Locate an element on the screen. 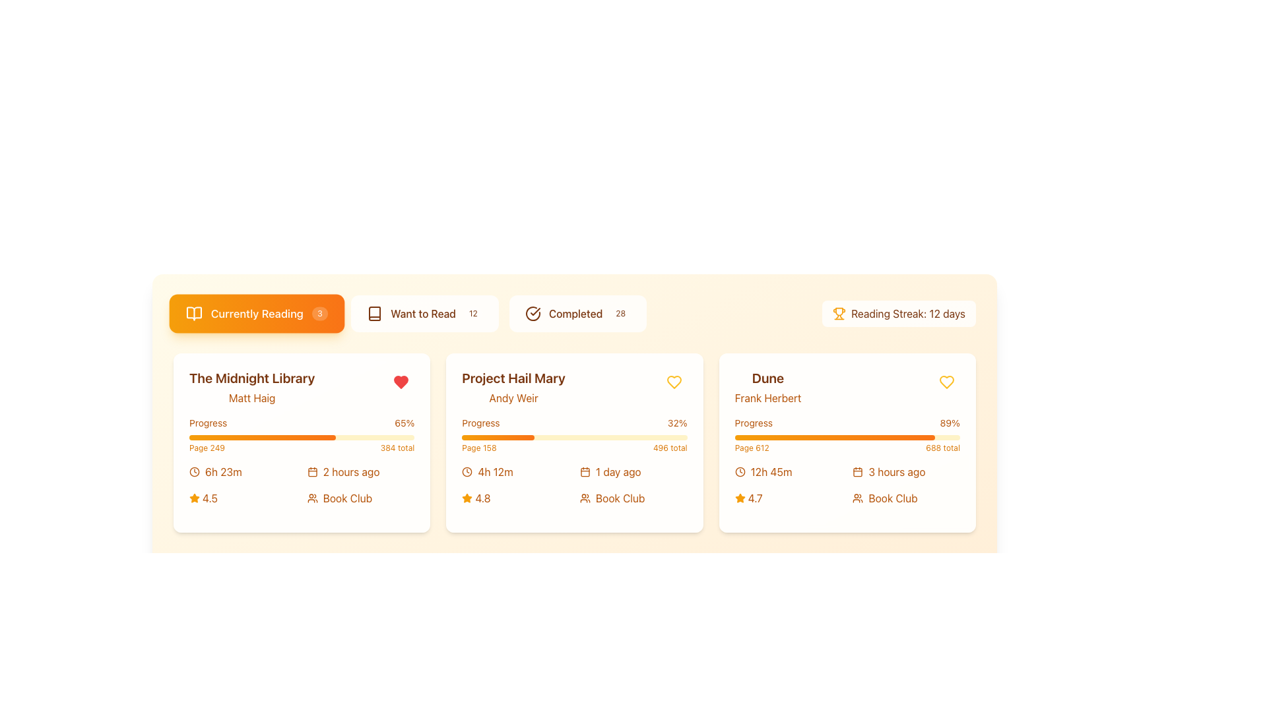 This screenshot has height=712, width=1267. the decorative icon associated with the 'Currently Reading' button, located to the left of the label text 'Currently Reading' is located at coordinates (193, 313).